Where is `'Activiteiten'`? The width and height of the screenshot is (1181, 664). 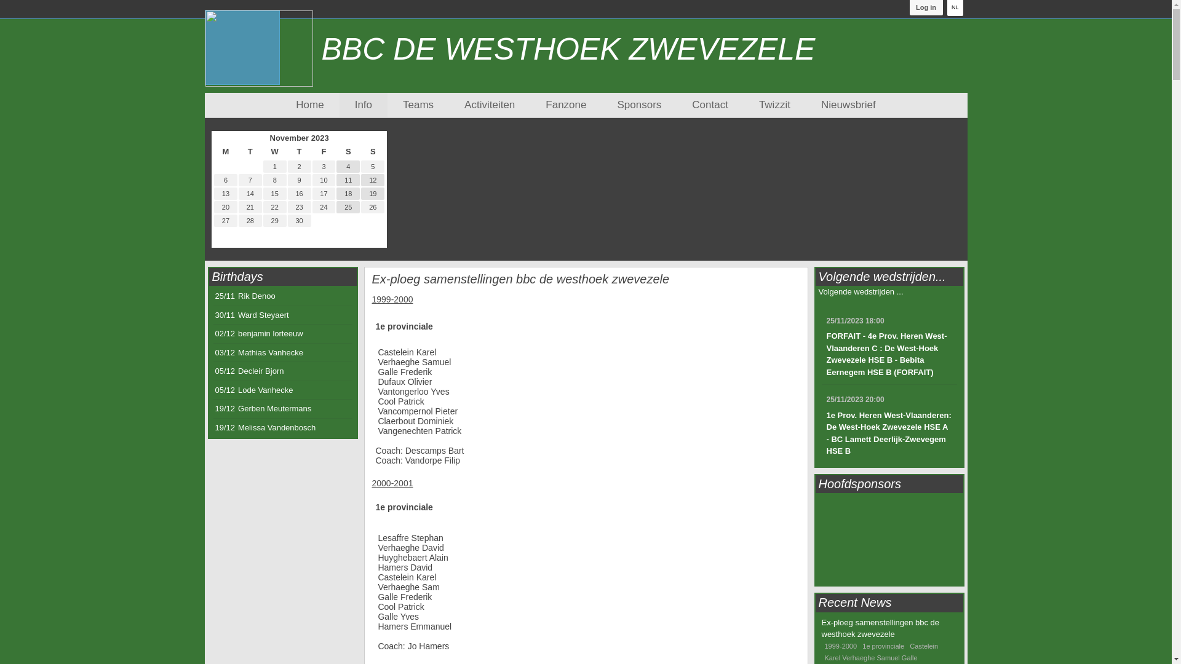
'Activiteiten' is located at coordinates (489, 104).